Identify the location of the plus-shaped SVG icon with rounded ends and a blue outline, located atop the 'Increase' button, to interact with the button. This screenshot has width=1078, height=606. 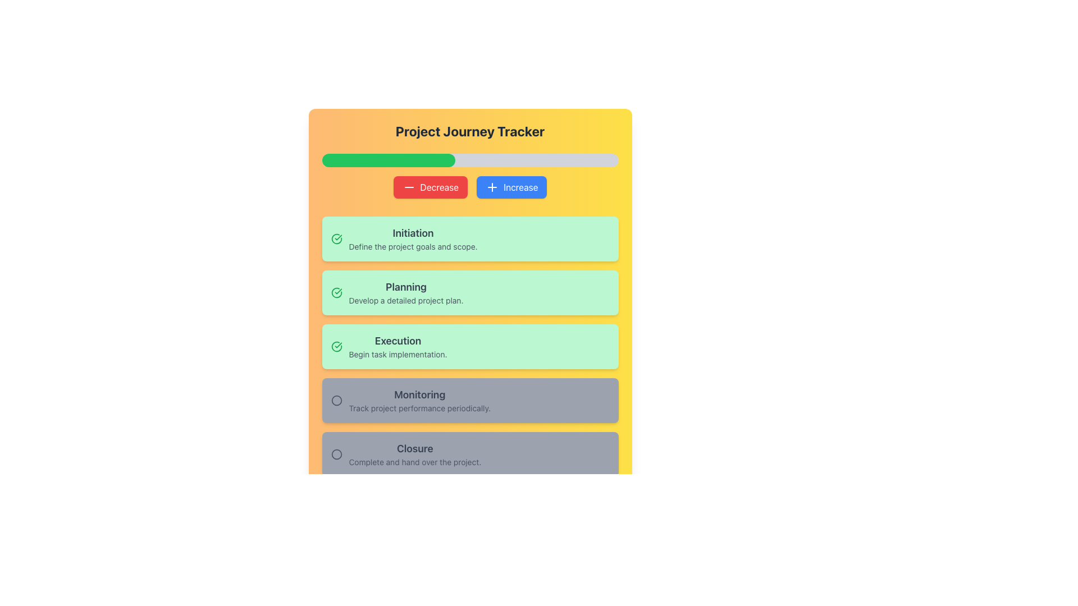
(492, 187).